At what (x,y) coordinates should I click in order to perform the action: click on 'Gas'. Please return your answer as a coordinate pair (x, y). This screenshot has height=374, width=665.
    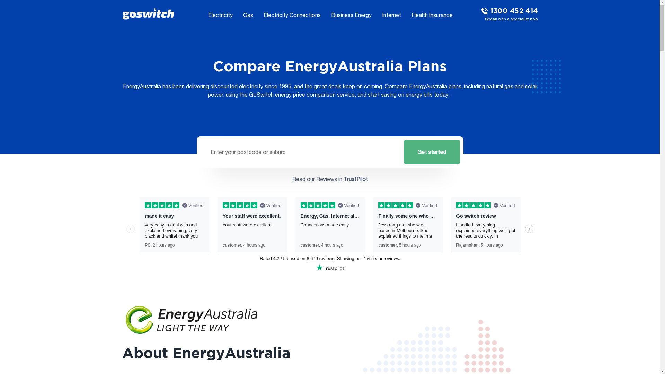
    Looking at the image, I should click on (248, 15).